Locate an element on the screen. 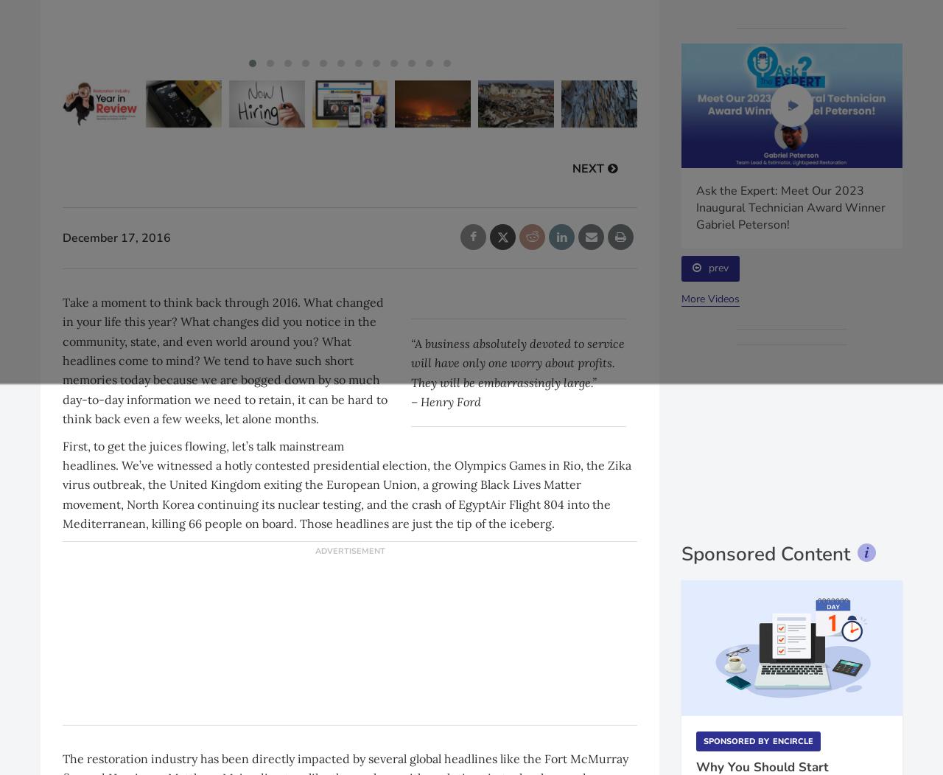  'December 17, 2016' is located at coordinates (61, 237).